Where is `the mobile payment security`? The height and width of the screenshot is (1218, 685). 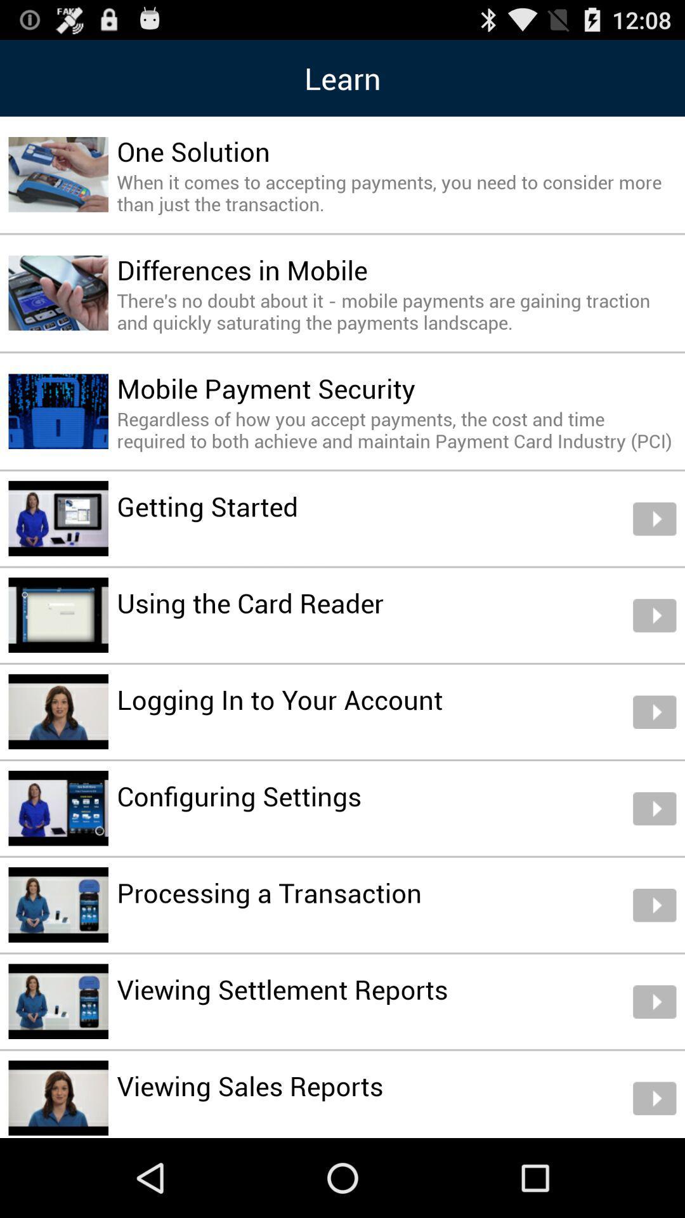 the mobile payment security is located at coordinates (265, 388).